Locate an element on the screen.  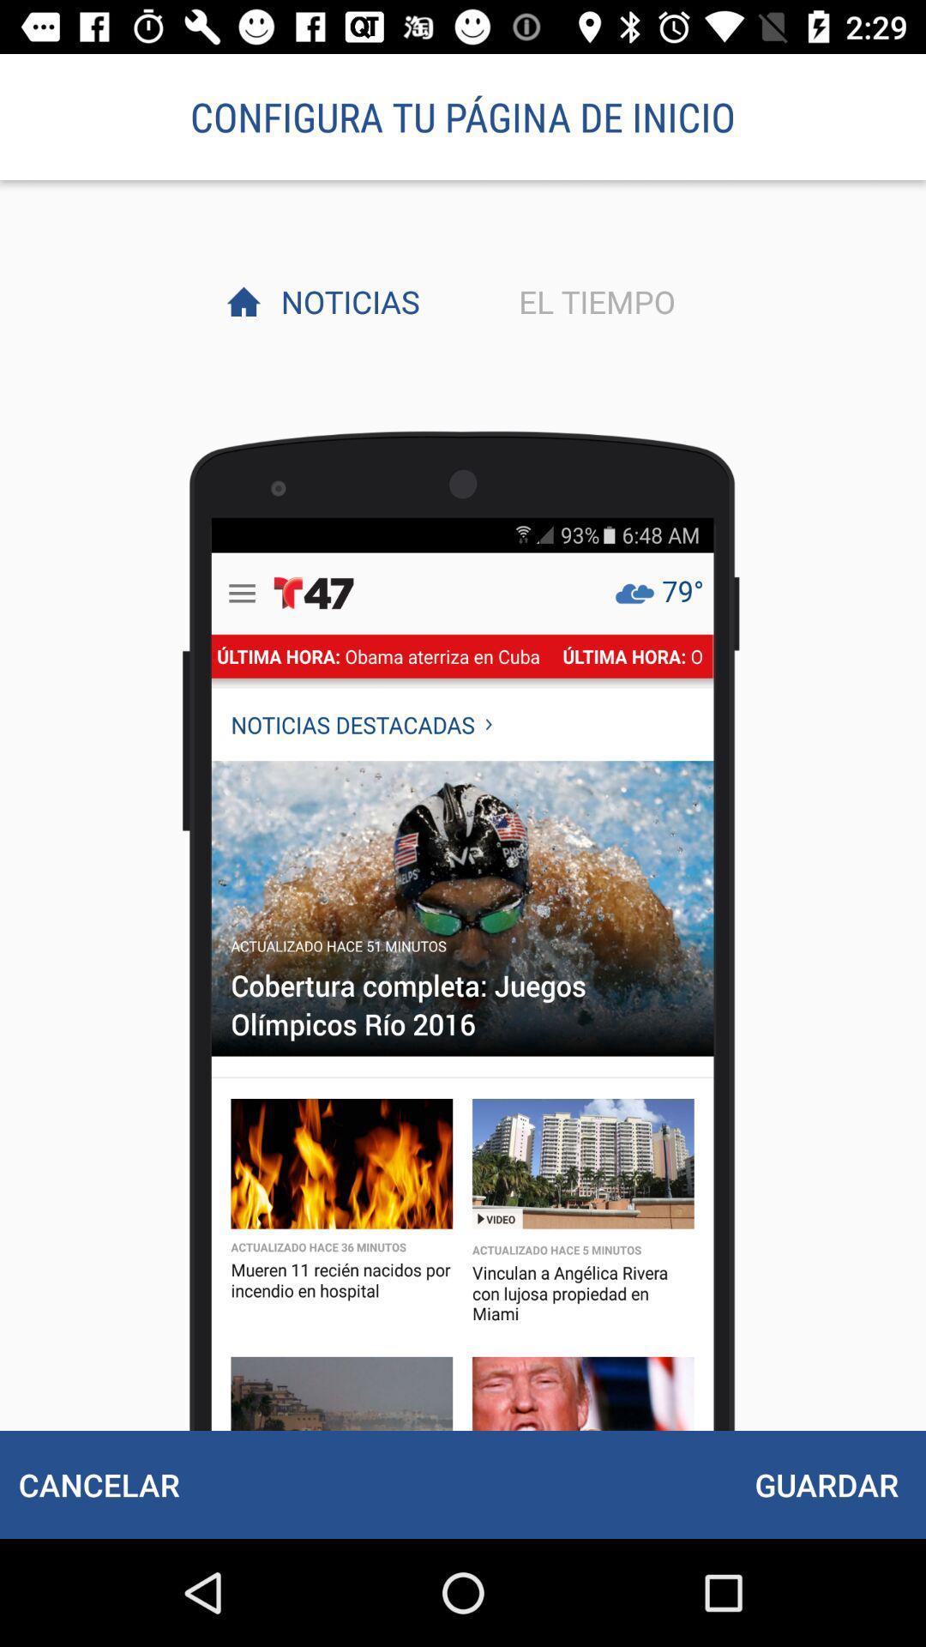
item next to guardar is located at coordinates (99, 1484).